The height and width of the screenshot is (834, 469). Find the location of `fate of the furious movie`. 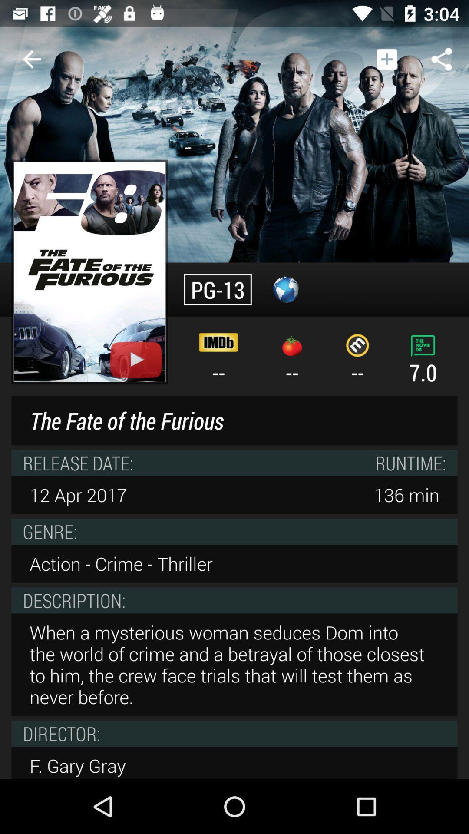

fate of the furious movie is located at coordinates (89, 271).